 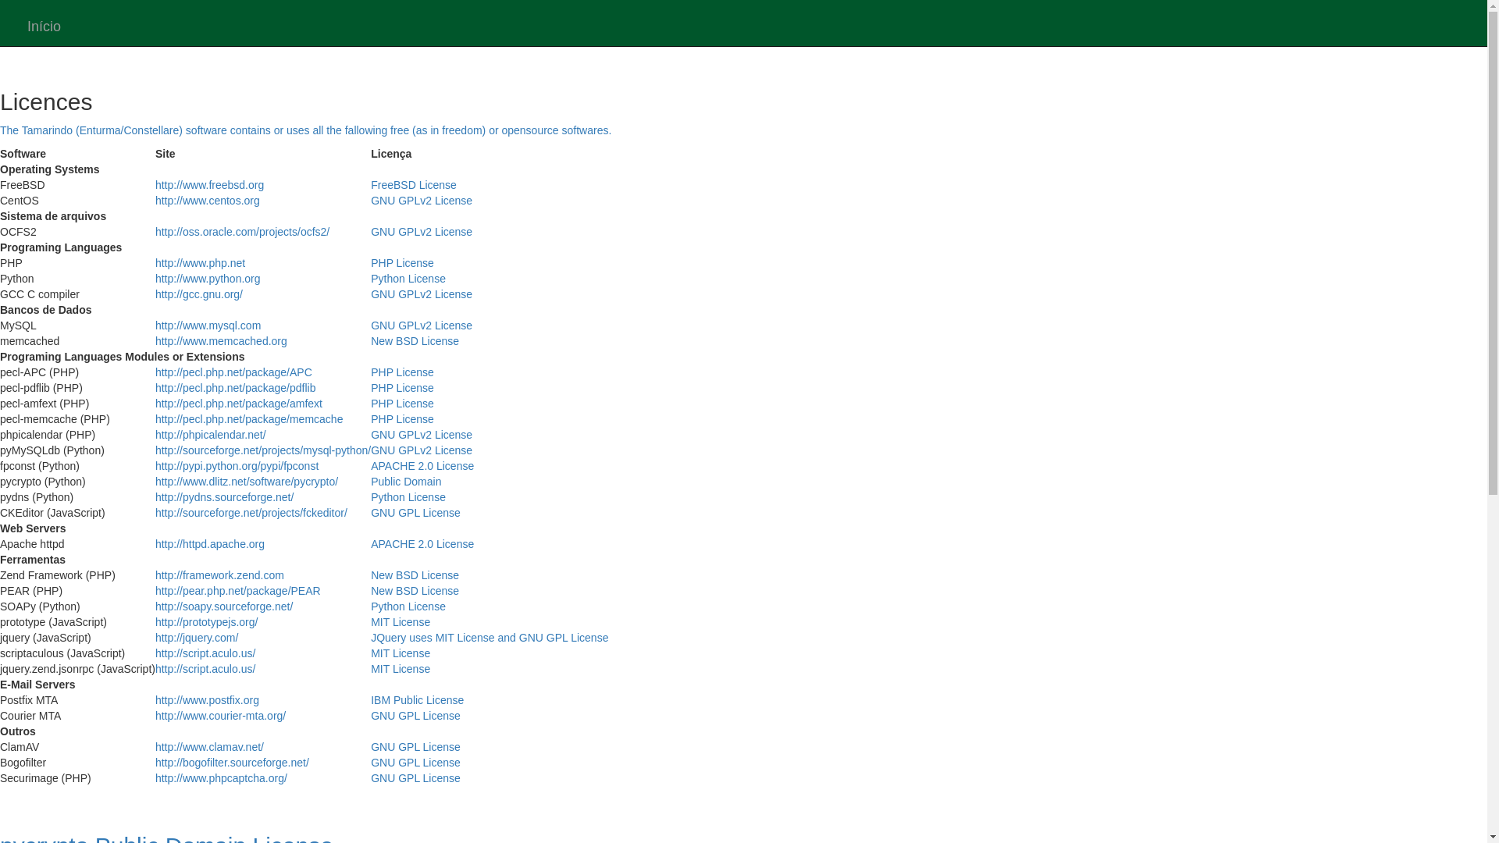 What do you see at coordinates (199, 261) in the screenshot?
I see `'http://www.php.net'` at bounding box center [199, 261].